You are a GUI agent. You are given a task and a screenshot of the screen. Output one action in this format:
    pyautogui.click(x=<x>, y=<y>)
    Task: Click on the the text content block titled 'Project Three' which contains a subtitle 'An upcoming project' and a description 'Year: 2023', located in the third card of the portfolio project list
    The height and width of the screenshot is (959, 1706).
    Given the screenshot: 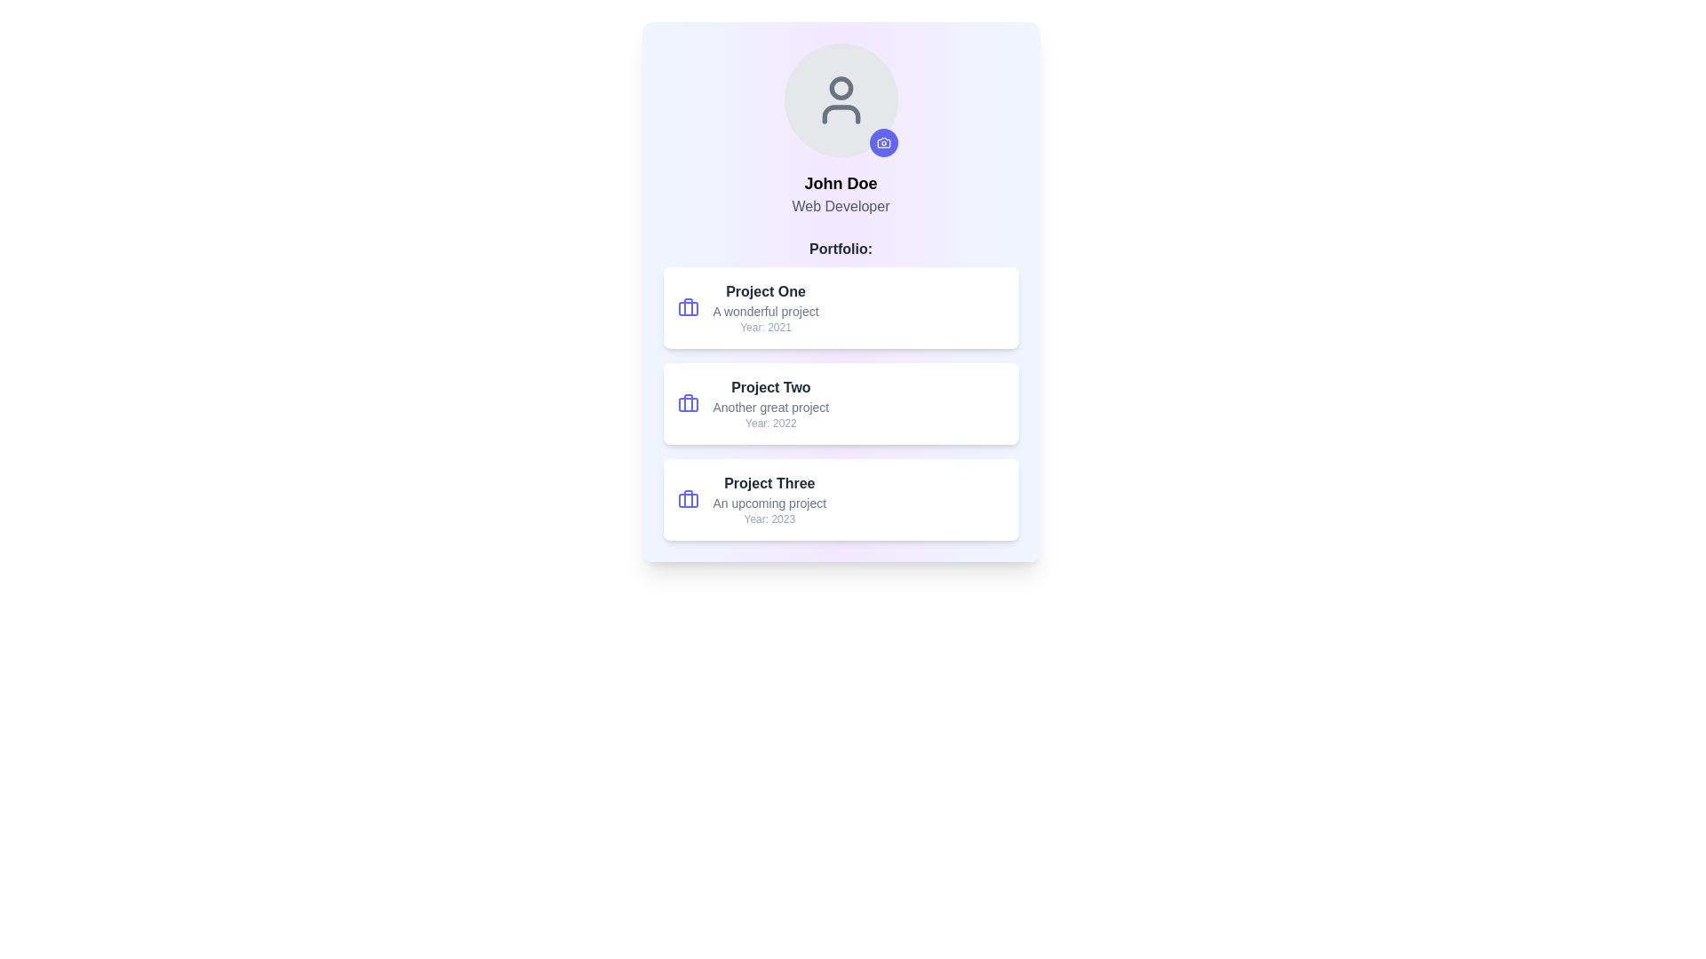 What is the action you would take?
    pyautogui.click(x=769, y=500)
    